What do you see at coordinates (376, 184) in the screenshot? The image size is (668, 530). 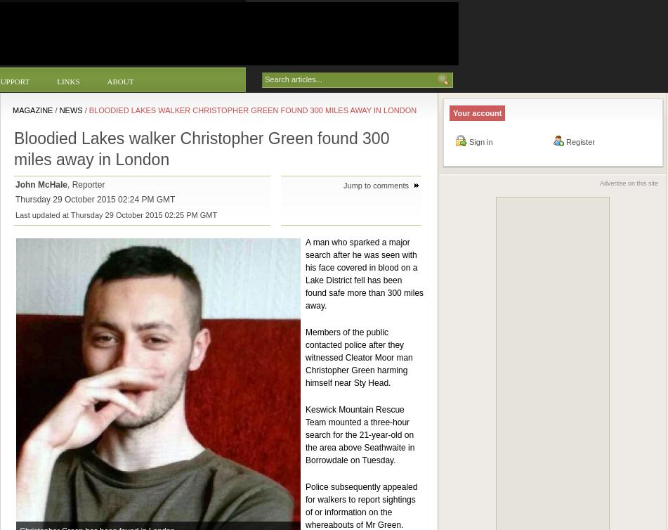 I see `'Jump to comments'` at bounding box center [376, 184].